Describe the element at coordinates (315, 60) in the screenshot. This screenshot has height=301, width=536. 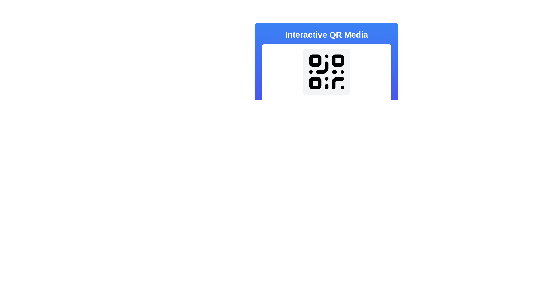
I see `rounded square marker located in the upper-left section of the QR code` at that location.